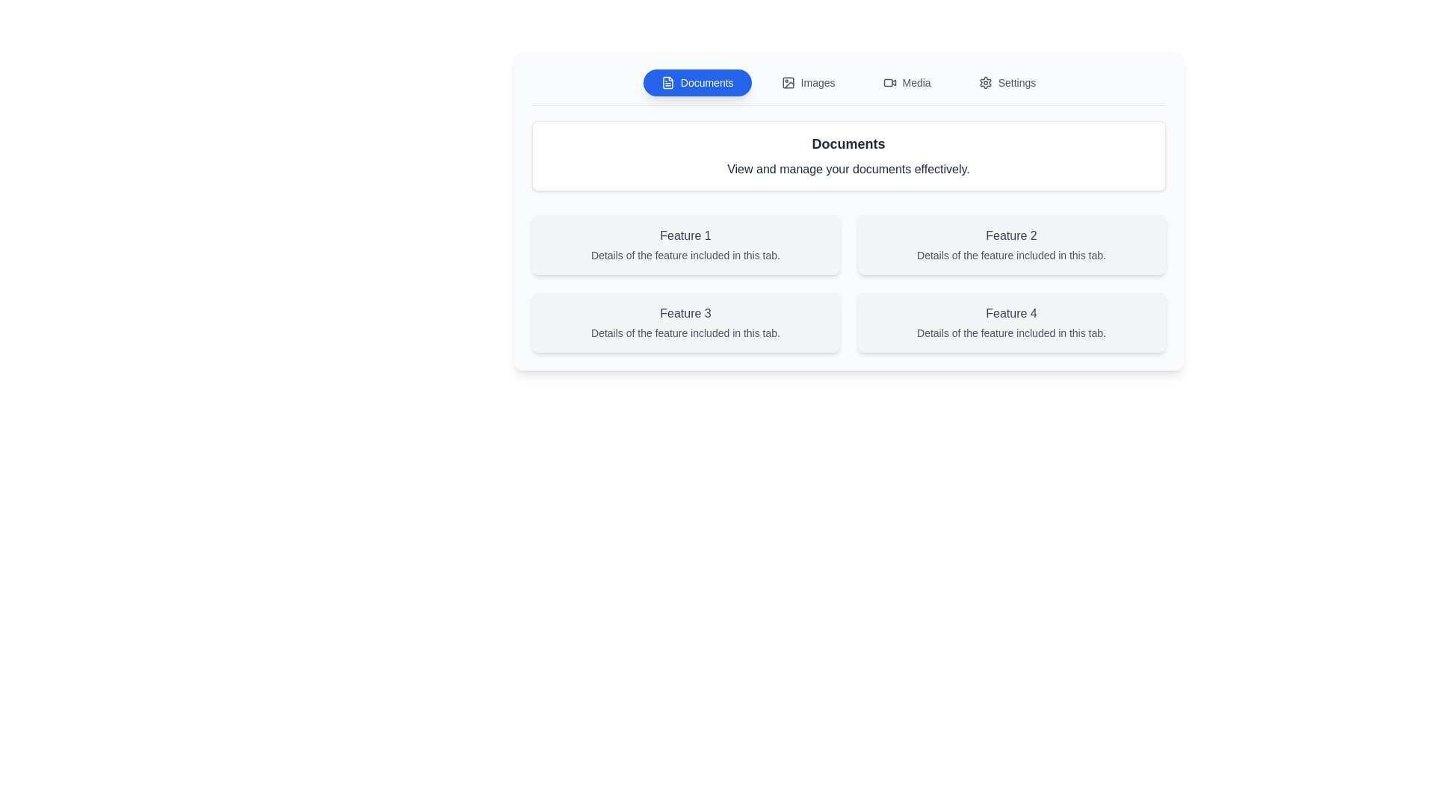 The width and height of the screenshot is (1435, 807). I want to click on the cogwheel icon within the 'Settings' button located at the top-right corner of the interface, so click(985, 83).